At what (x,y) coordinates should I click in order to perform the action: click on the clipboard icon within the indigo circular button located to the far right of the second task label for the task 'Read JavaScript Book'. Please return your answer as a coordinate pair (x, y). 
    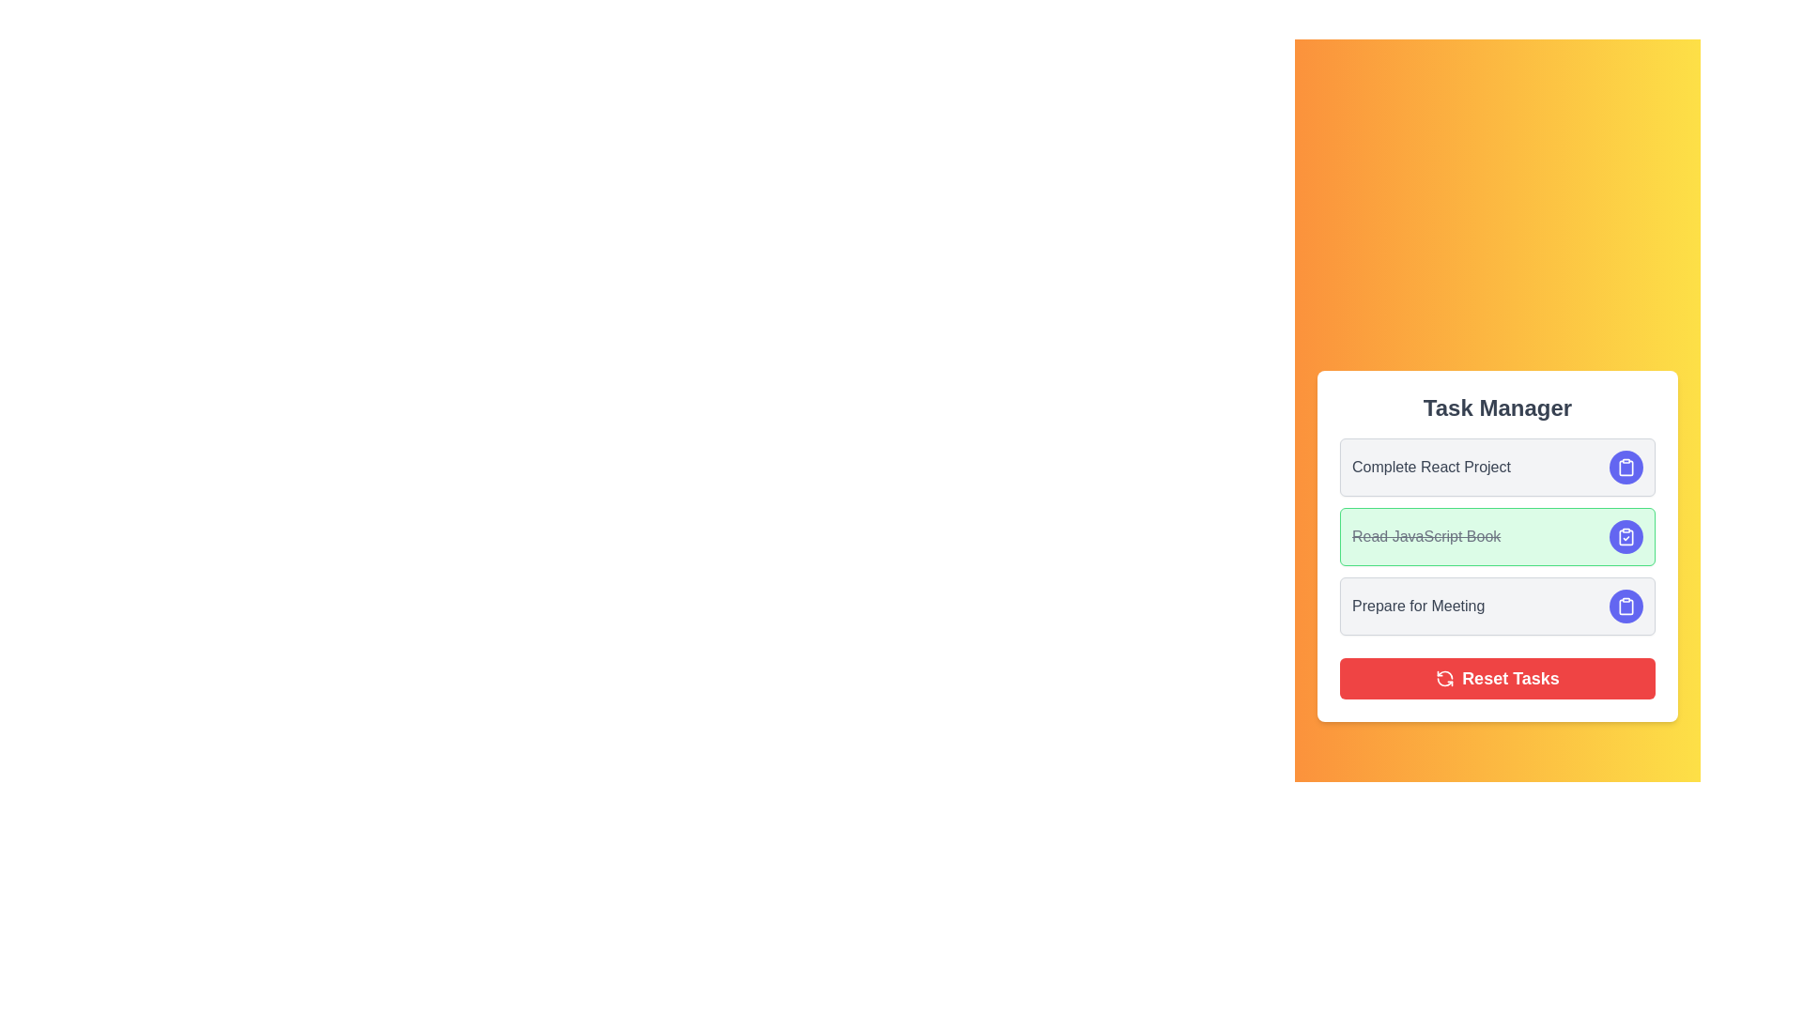
    Looking at the image, I should click on (1626, 606).